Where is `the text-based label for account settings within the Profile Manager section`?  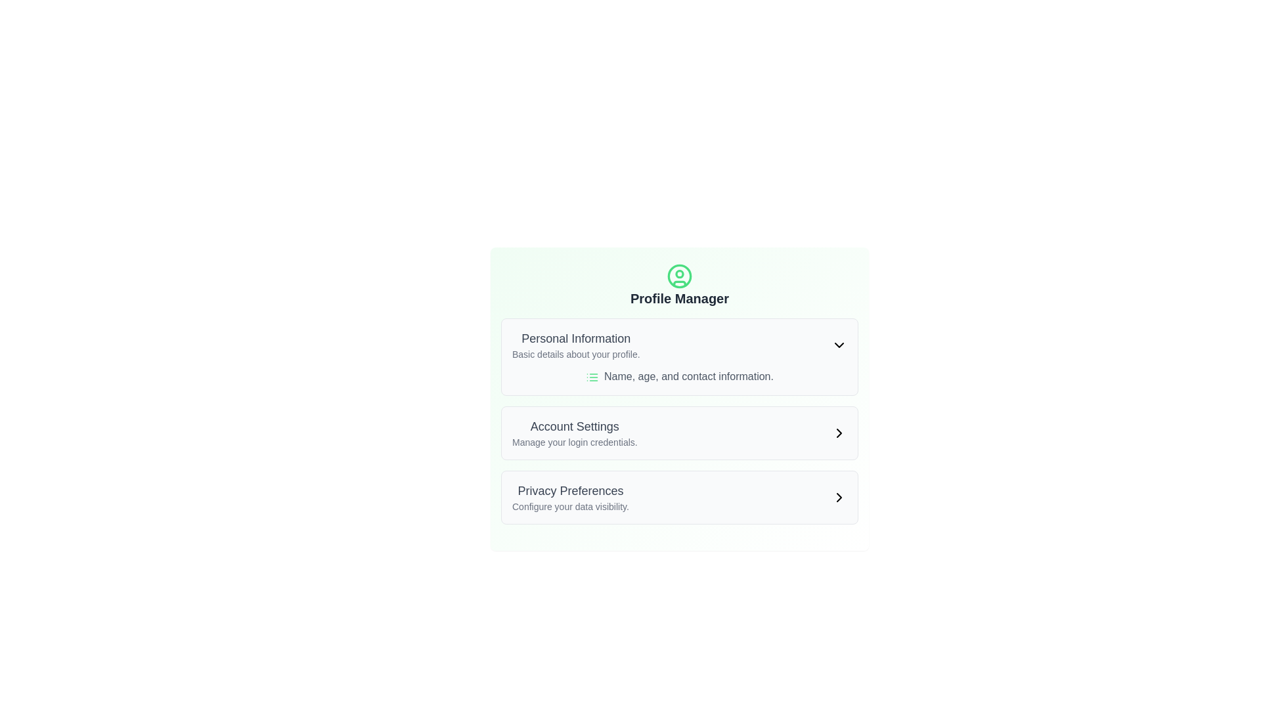 the text-based label for account settings within the Profile Manager section is located at coordinates (575, 433).